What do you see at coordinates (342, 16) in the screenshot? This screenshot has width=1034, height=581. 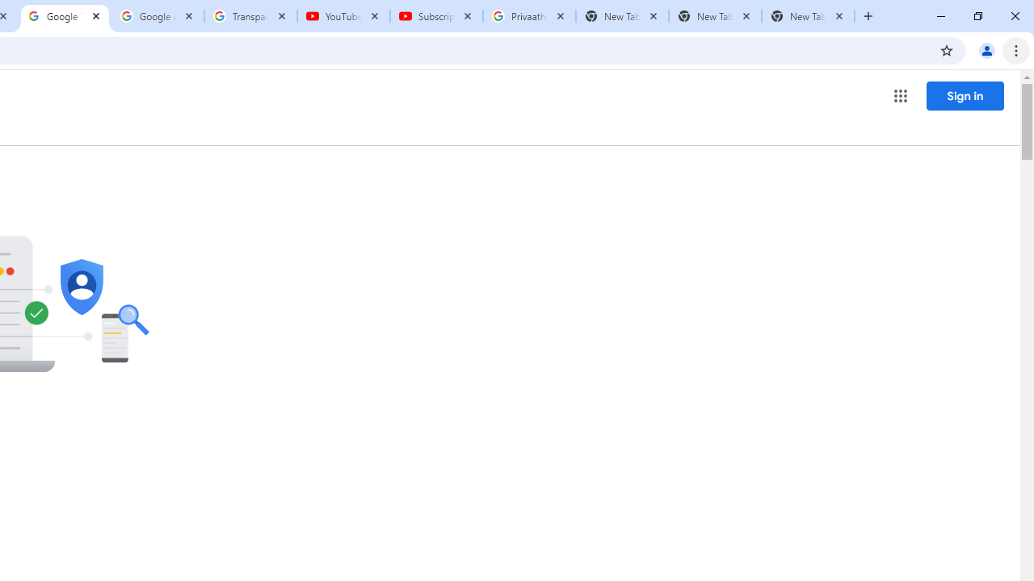 I see `'YouTube'` at bounding box center [342, 16].